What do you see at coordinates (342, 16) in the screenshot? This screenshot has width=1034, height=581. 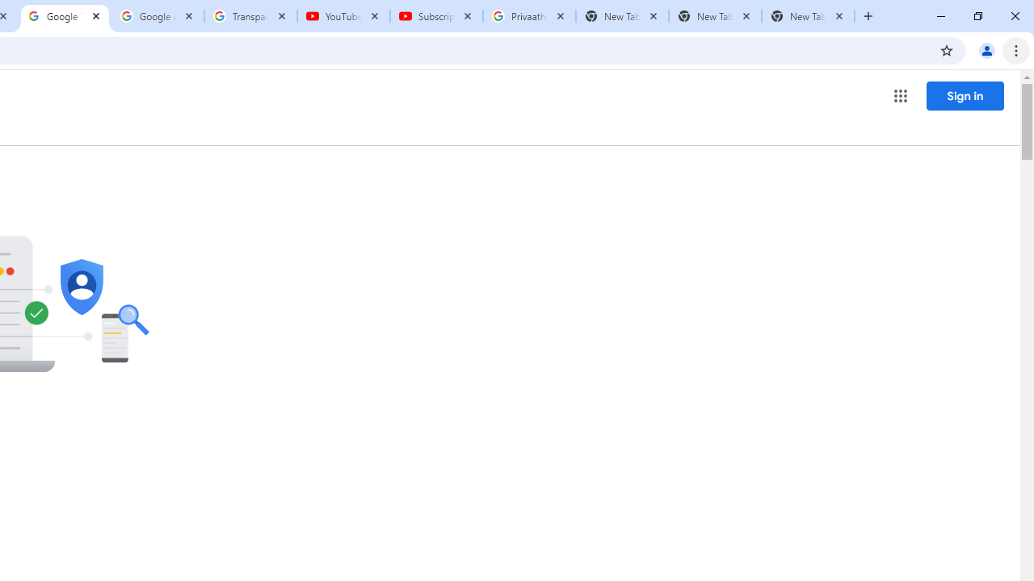 I see `'YouTube'` at bounding box center [342, 16].